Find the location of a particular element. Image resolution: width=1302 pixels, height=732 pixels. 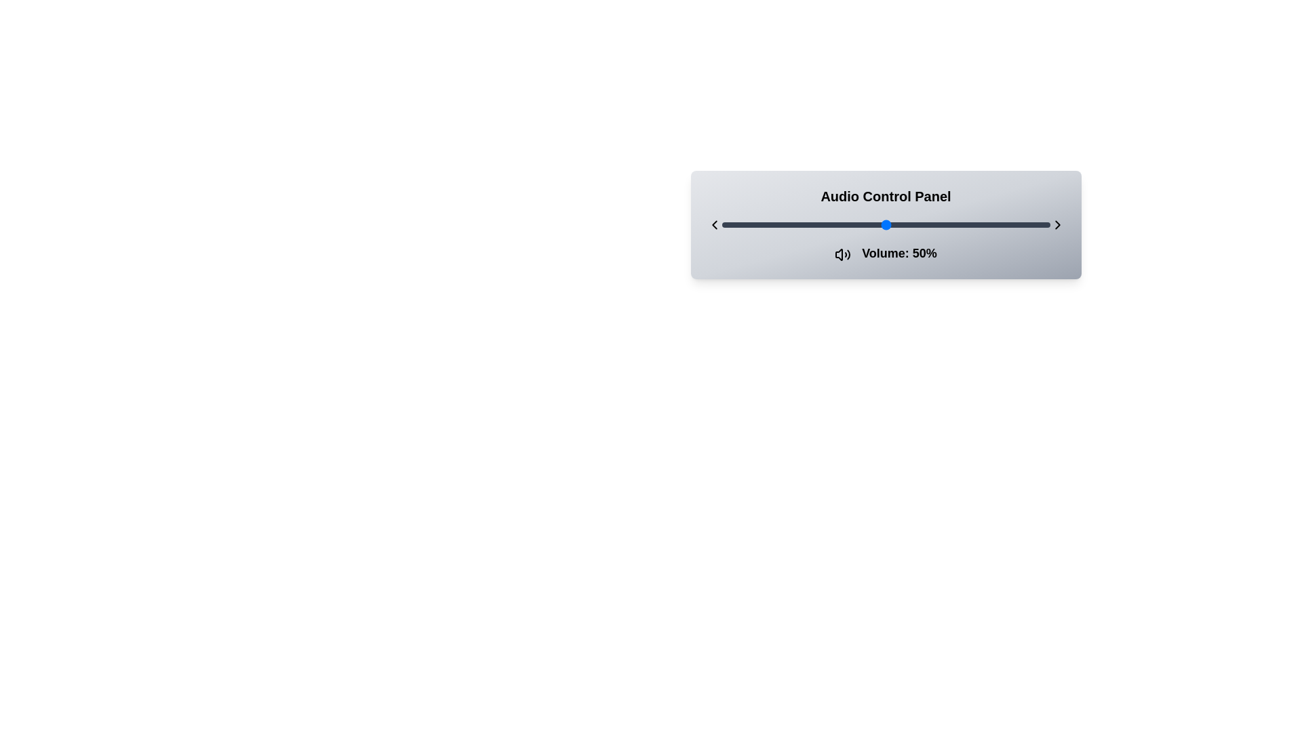

the audio module icon located to the left of the text 'Volume: 50%' is located at coordinates (838, 253).